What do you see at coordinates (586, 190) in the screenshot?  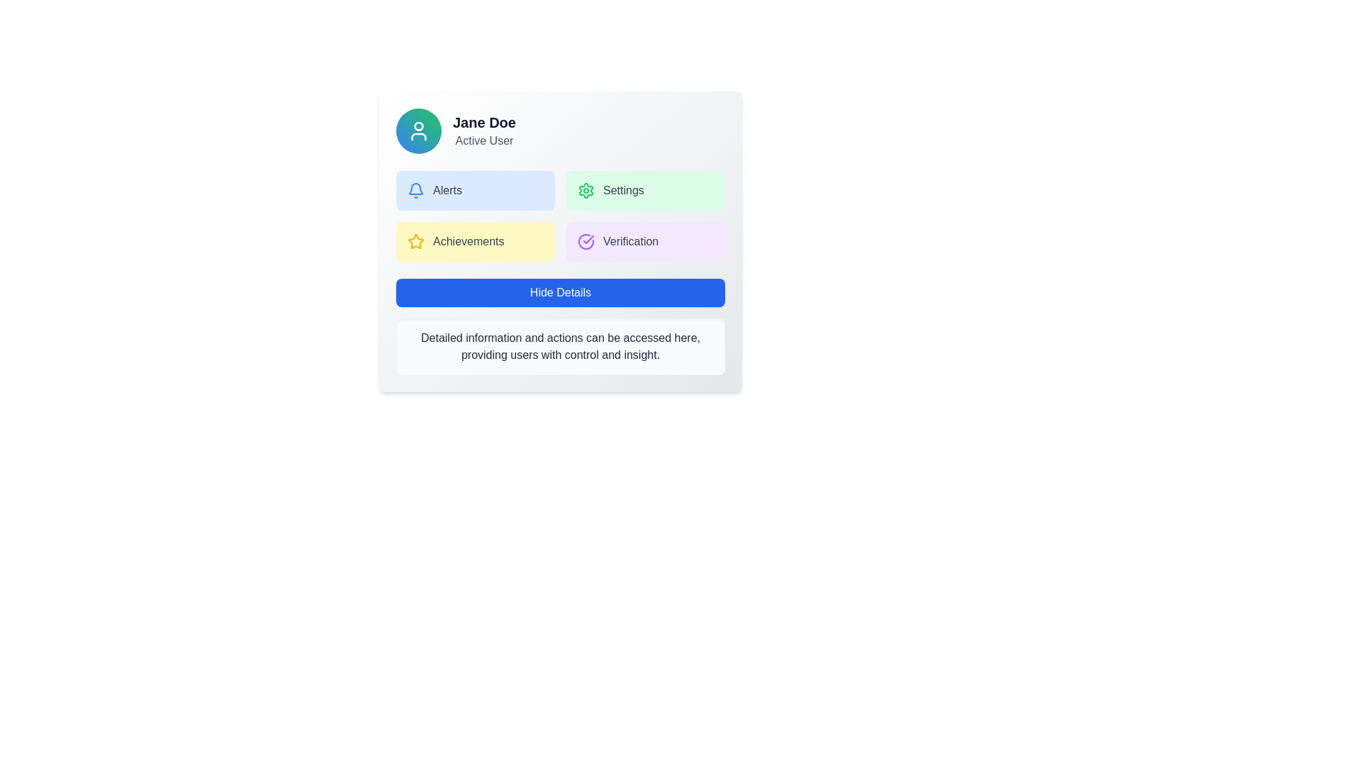 I see `the gear-shaped settings icon with a green outline located in the top-right corner of the 'Settings' section in the second row of options` at bounding box center [586, 190].